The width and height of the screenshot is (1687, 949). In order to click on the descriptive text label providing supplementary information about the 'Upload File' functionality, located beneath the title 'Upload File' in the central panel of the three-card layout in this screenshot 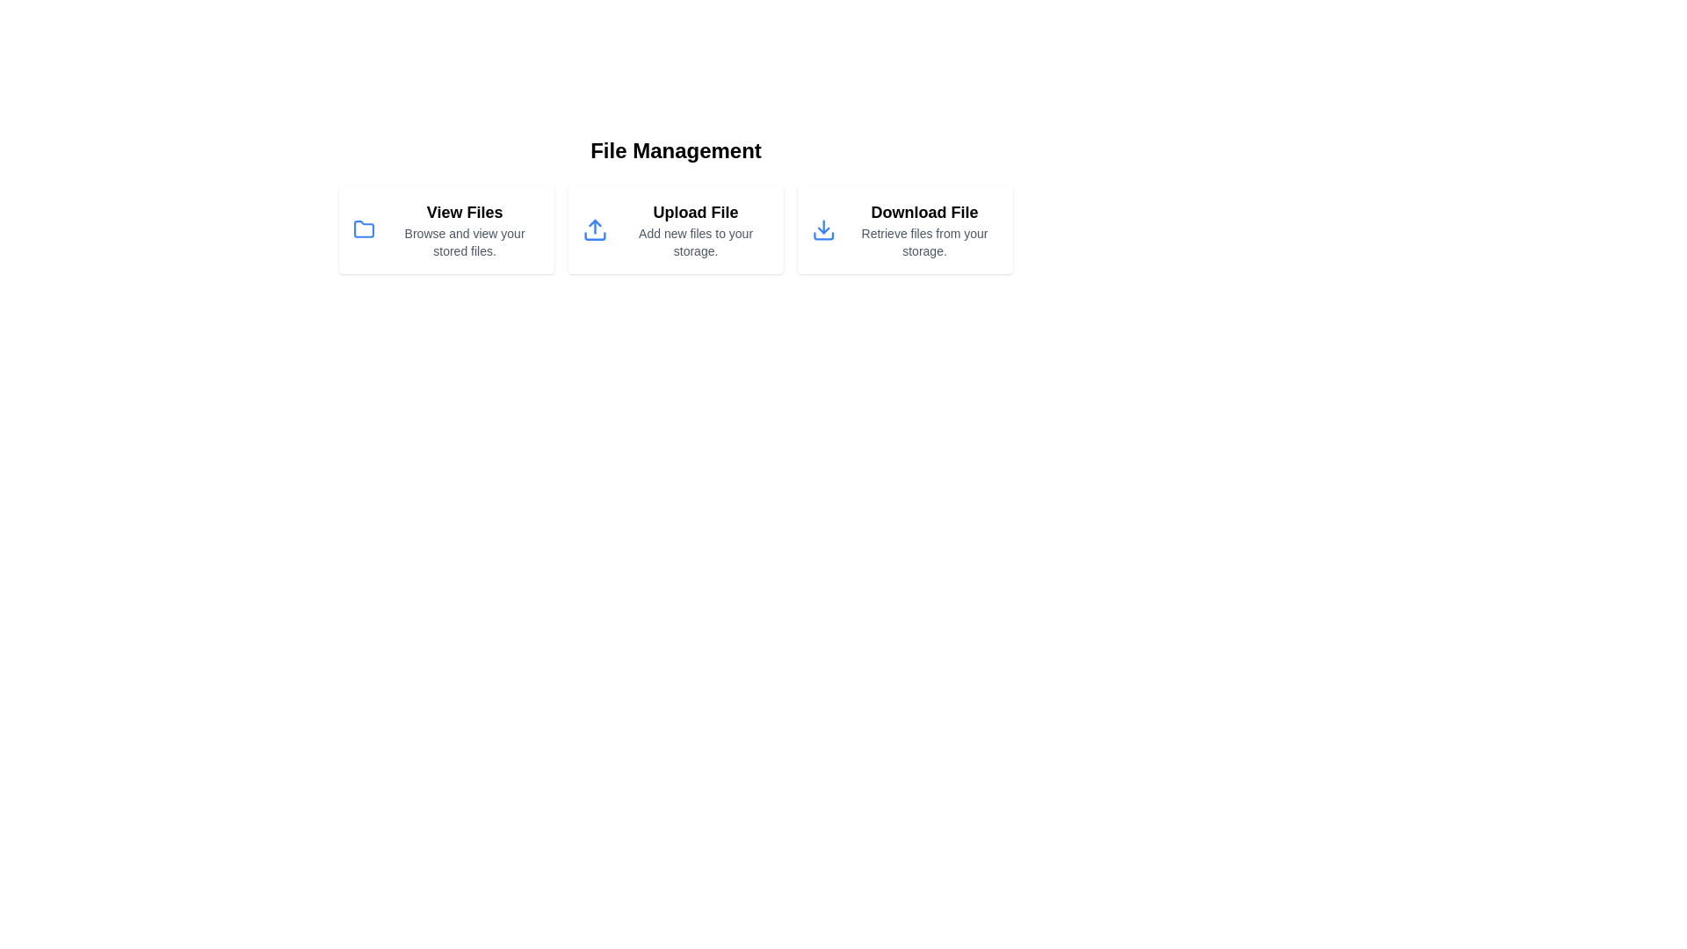, I will do `click(695, 243)`.